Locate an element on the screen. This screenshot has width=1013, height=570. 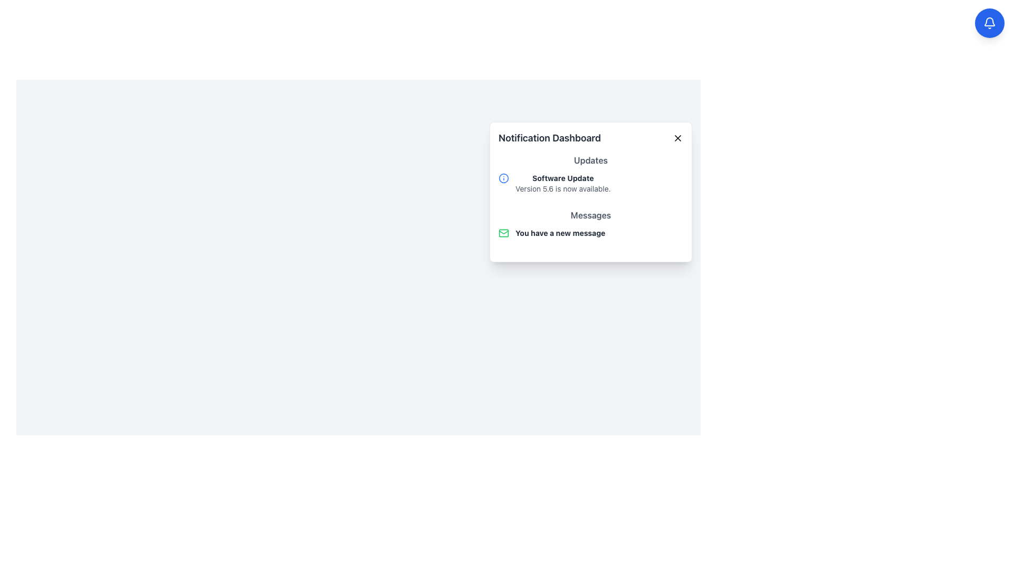
the rectangular base of the mail icon, which serves as the envelope's main body is located at coordinates (503, 233).